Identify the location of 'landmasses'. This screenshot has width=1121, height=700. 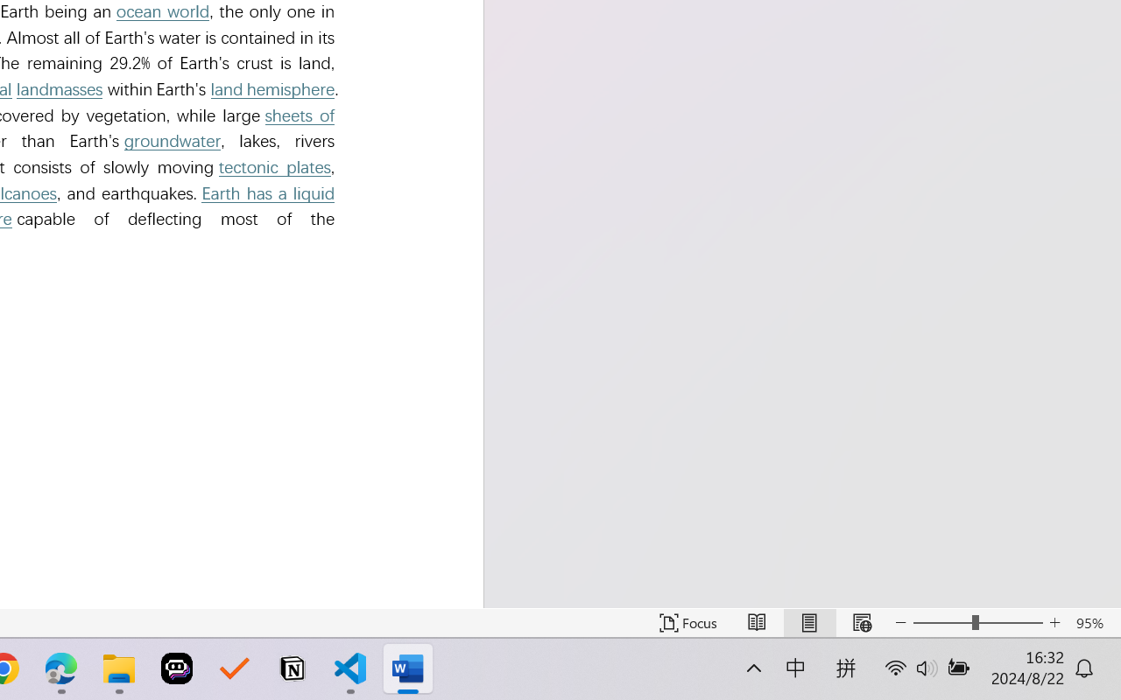
(59, 88).